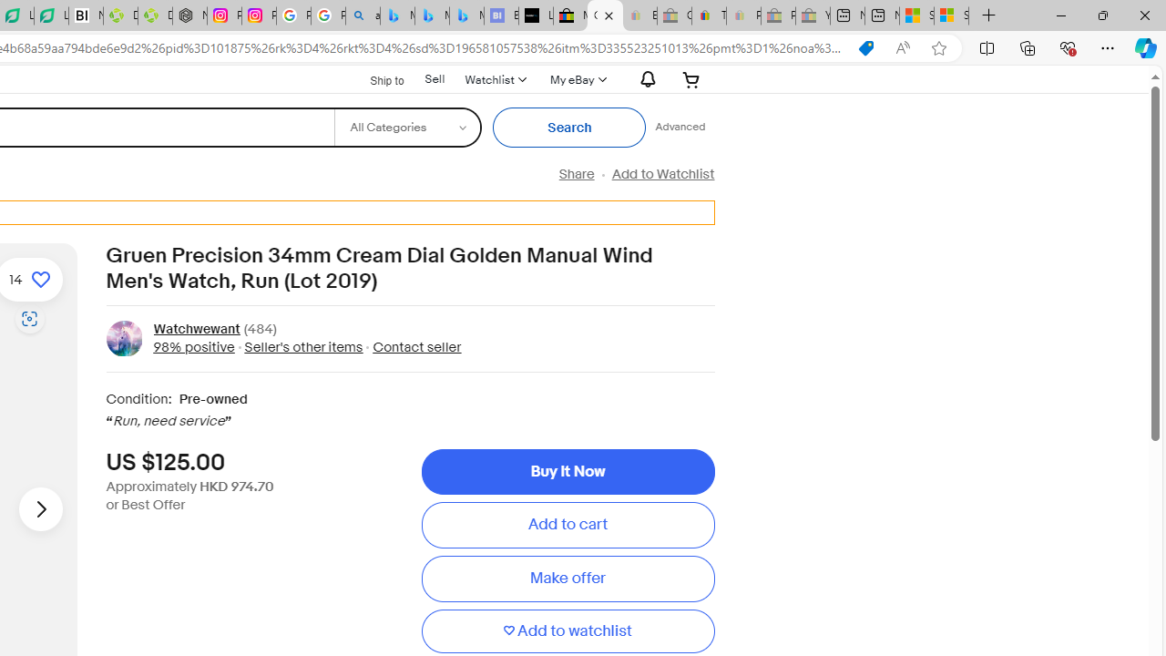  I want to click on '  Seller', so click(299, 346).